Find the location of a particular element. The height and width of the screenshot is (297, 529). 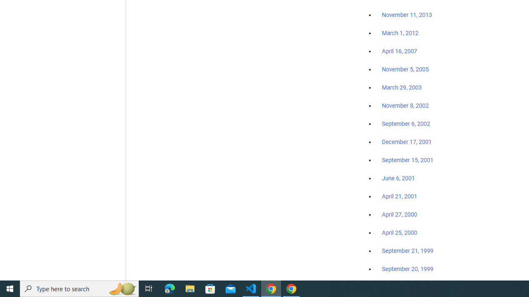

'September 15, 2001' is located at coordinates (407, 160).